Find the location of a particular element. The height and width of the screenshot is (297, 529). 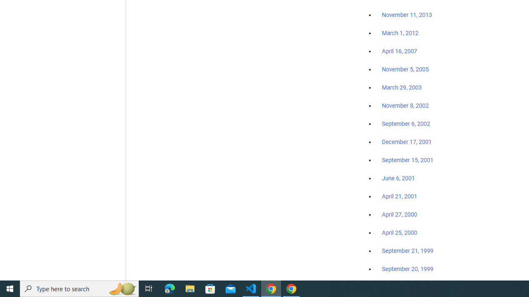

'September 15, 2001' is located at coordinates (407, 160).